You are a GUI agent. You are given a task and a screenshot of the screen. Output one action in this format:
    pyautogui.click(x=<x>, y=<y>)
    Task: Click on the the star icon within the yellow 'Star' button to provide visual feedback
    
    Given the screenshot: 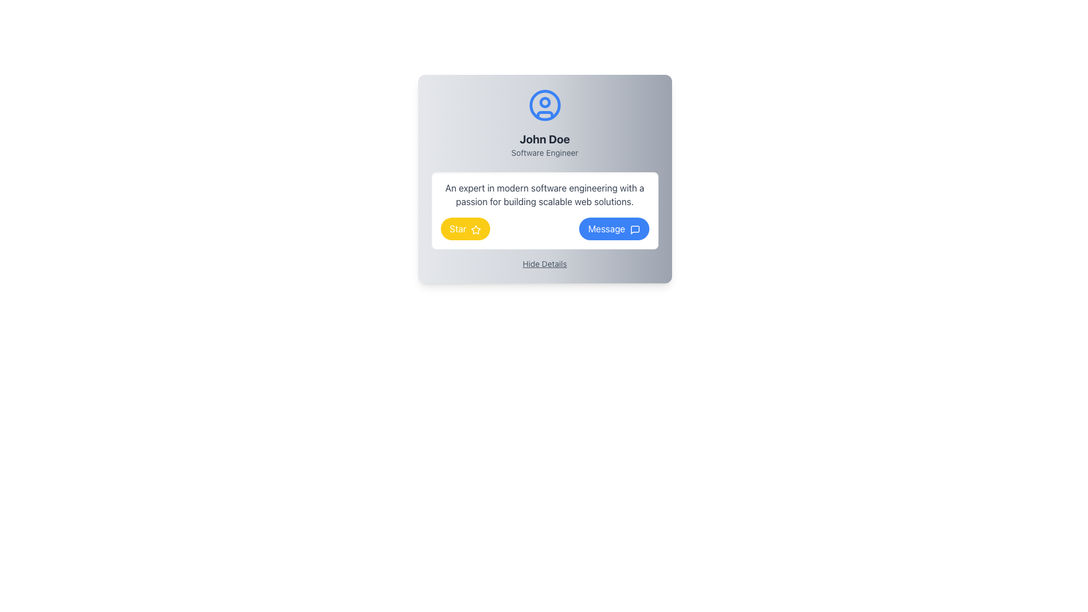 What is the action you would take?
    pyautogui.click(x=476, y=229)
    